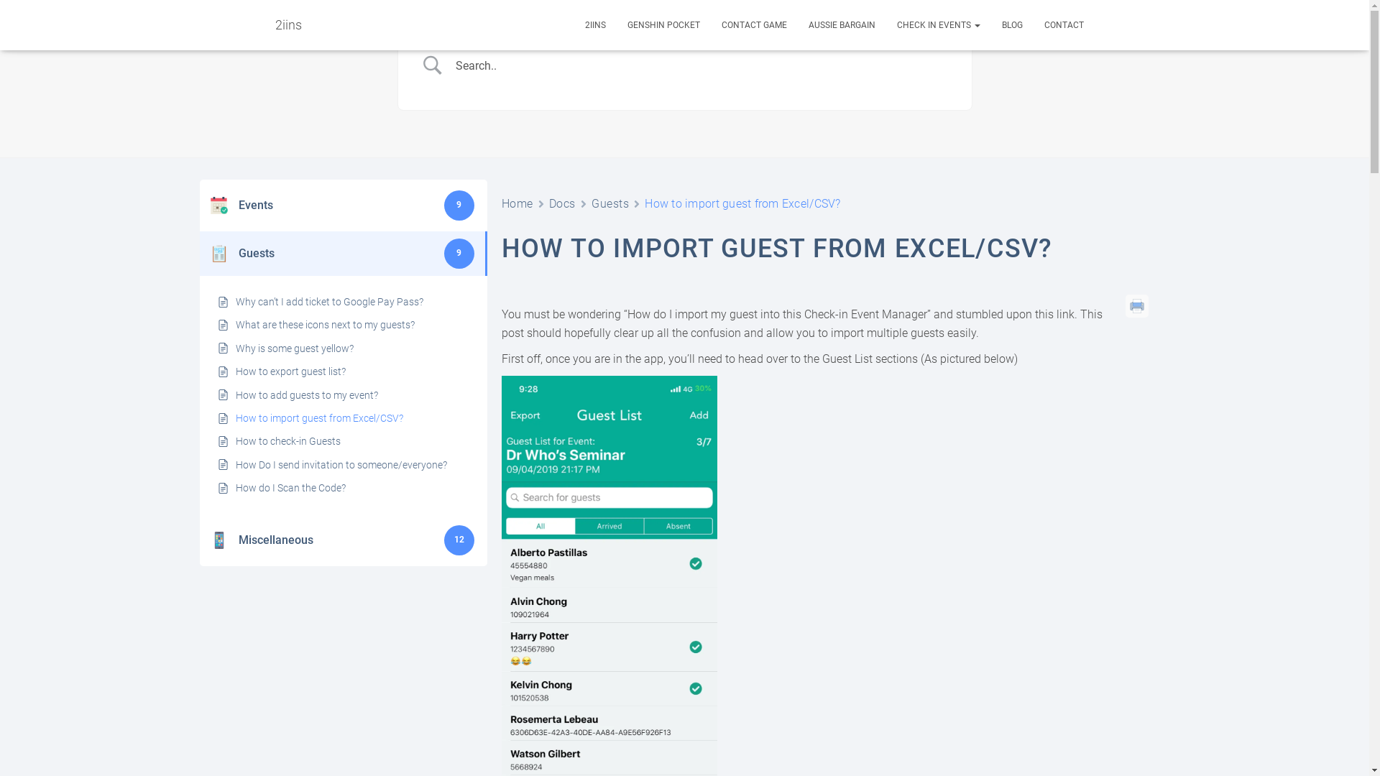 The width and height of the screenshot is (1380, 776). What do you see at coordinates (290, 370) in the screenshot?
I see `'How to export guest list?'` at bounding box center [290, 370].